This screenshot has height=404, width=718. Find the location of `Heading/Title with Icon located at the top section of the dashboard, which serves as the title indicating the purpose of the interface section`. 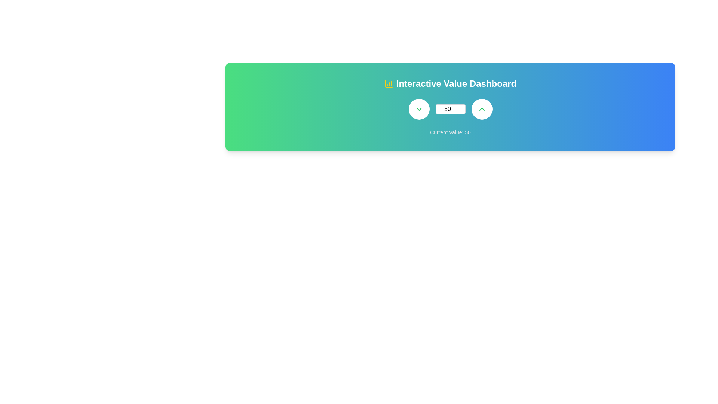

Heading/Title with Icon located at the top section of the dashboard, which serves as the title indicating the purpose of the interface section is located at coordinates (450, 83).